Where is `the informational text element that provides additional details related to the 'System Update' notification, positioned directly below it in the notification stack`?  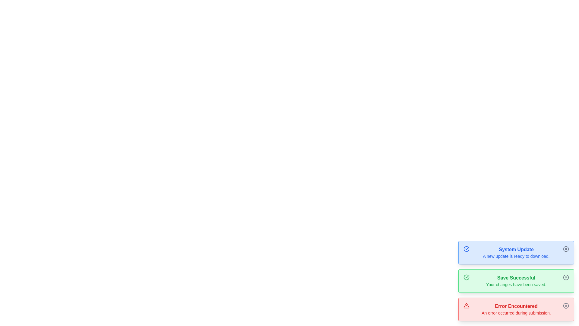 the informational text element that provides additional details related to the 'System Update' notification, positioned directly below it in the notification stack is located at coordinates (516, 256).